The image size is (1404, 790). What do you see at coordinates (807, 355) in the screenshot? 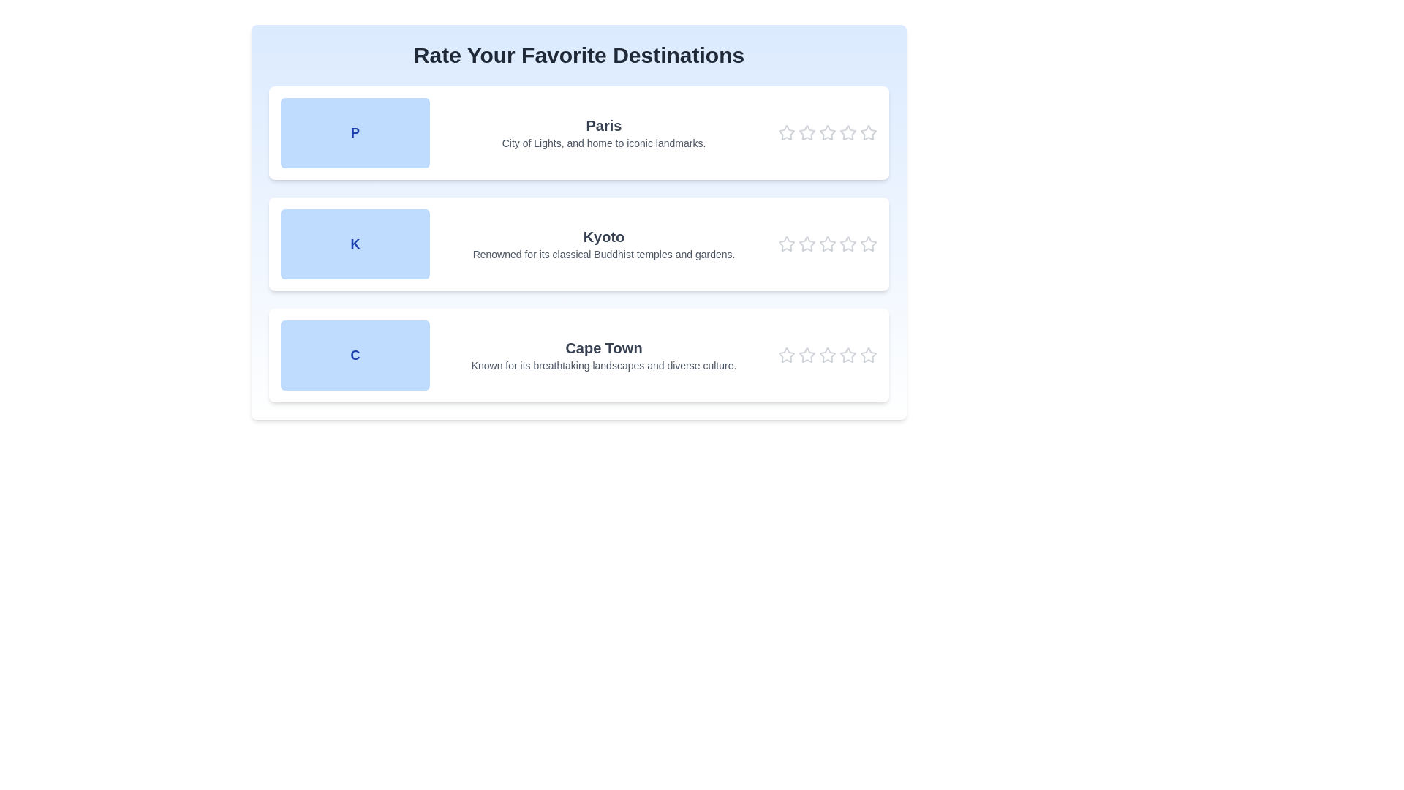
I see `the third star icon in the series of six stars for rating in the 'Cape Town' section to capture user feedback` at bounding box center [807, 355].